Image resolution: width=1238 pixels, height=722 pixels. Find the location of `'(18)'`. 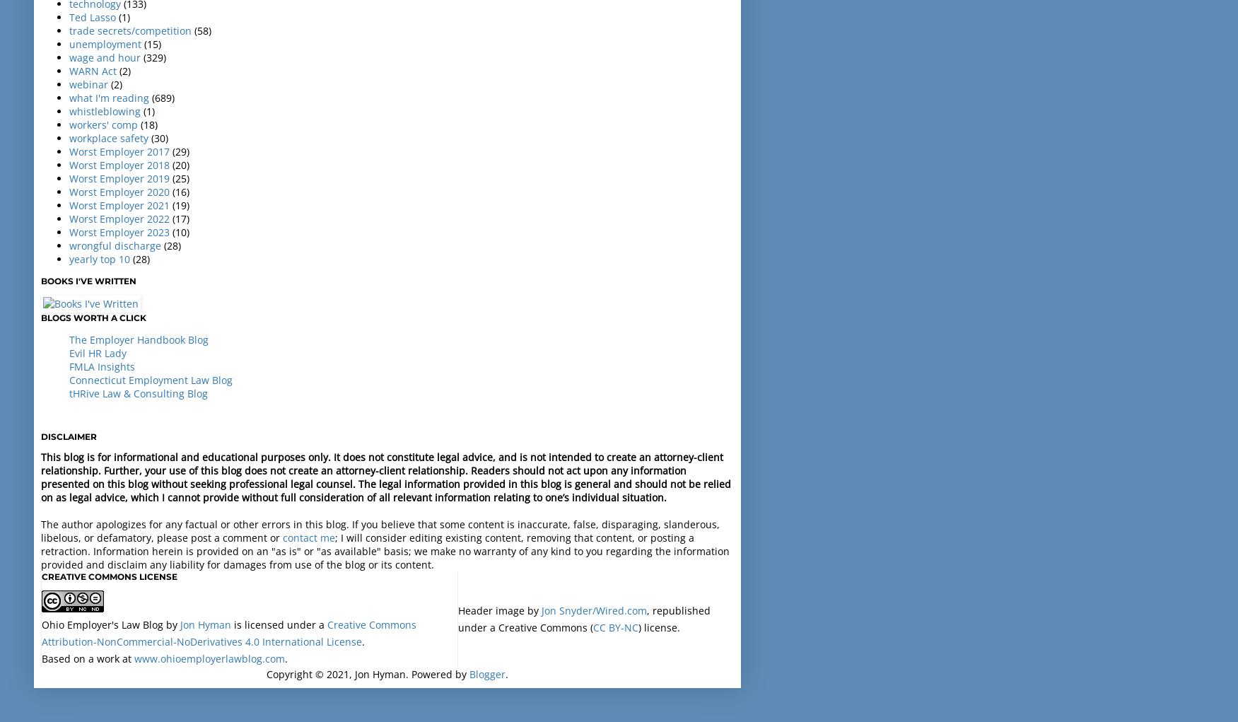

'(18)' is located at coordinates (140, 123).